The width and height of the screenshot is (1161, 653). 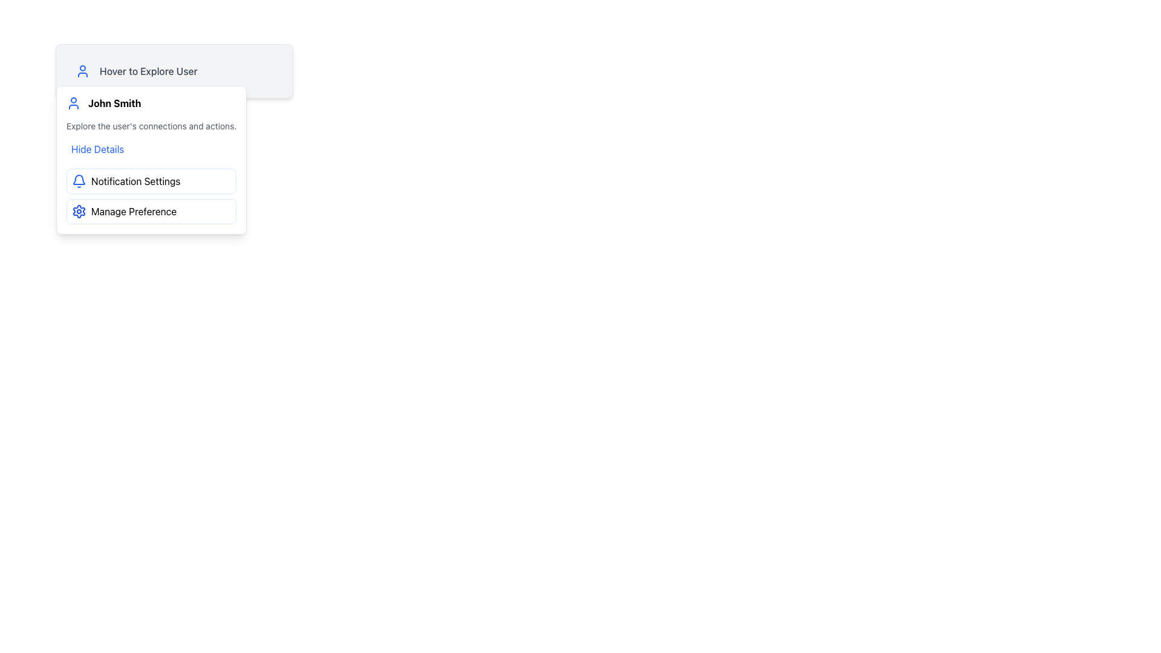 I want to click on the blue-stroked bell-shaped icon located in the 'Notification Settings' section for interaction, so click(x=78, y=181).